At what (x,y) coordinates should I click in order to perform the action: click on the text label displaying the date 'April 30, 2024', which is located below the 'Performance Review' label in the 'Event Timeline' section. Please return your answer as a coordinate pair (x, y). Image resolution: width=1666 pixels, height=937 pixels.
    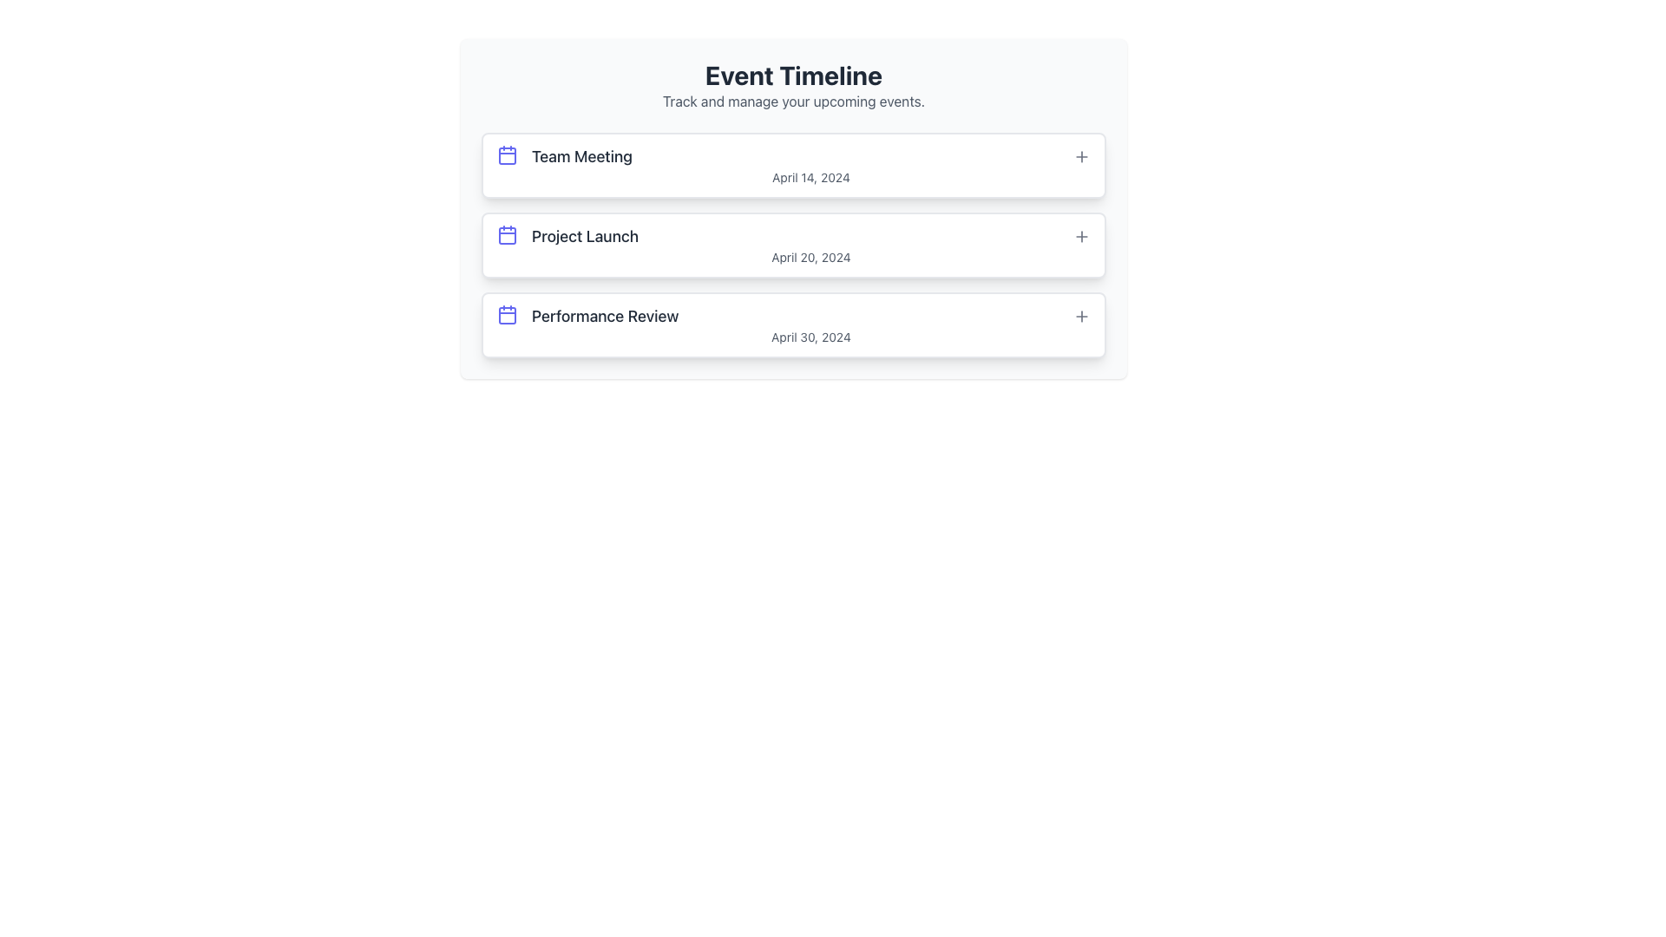
    Looking at the image, I should click on (810, 337).